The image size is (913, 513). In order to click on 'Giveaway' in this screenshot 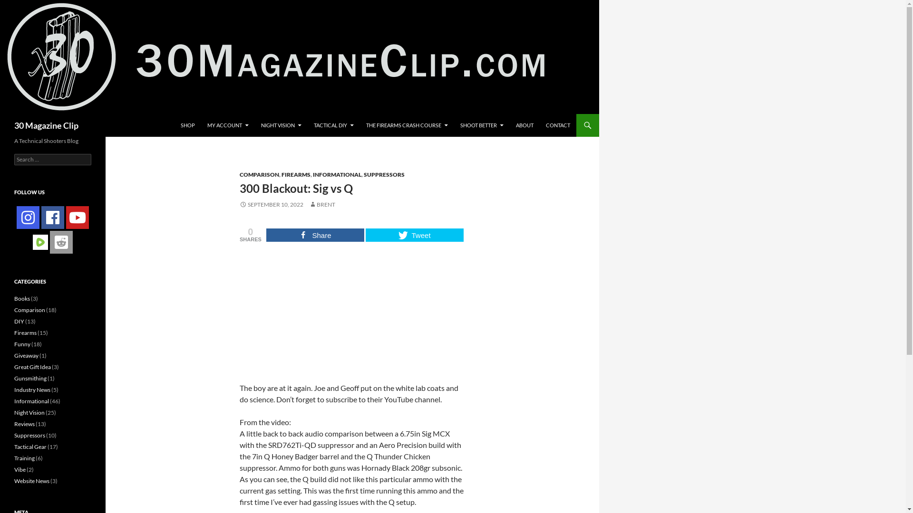, I will do `click(26, 355)`.